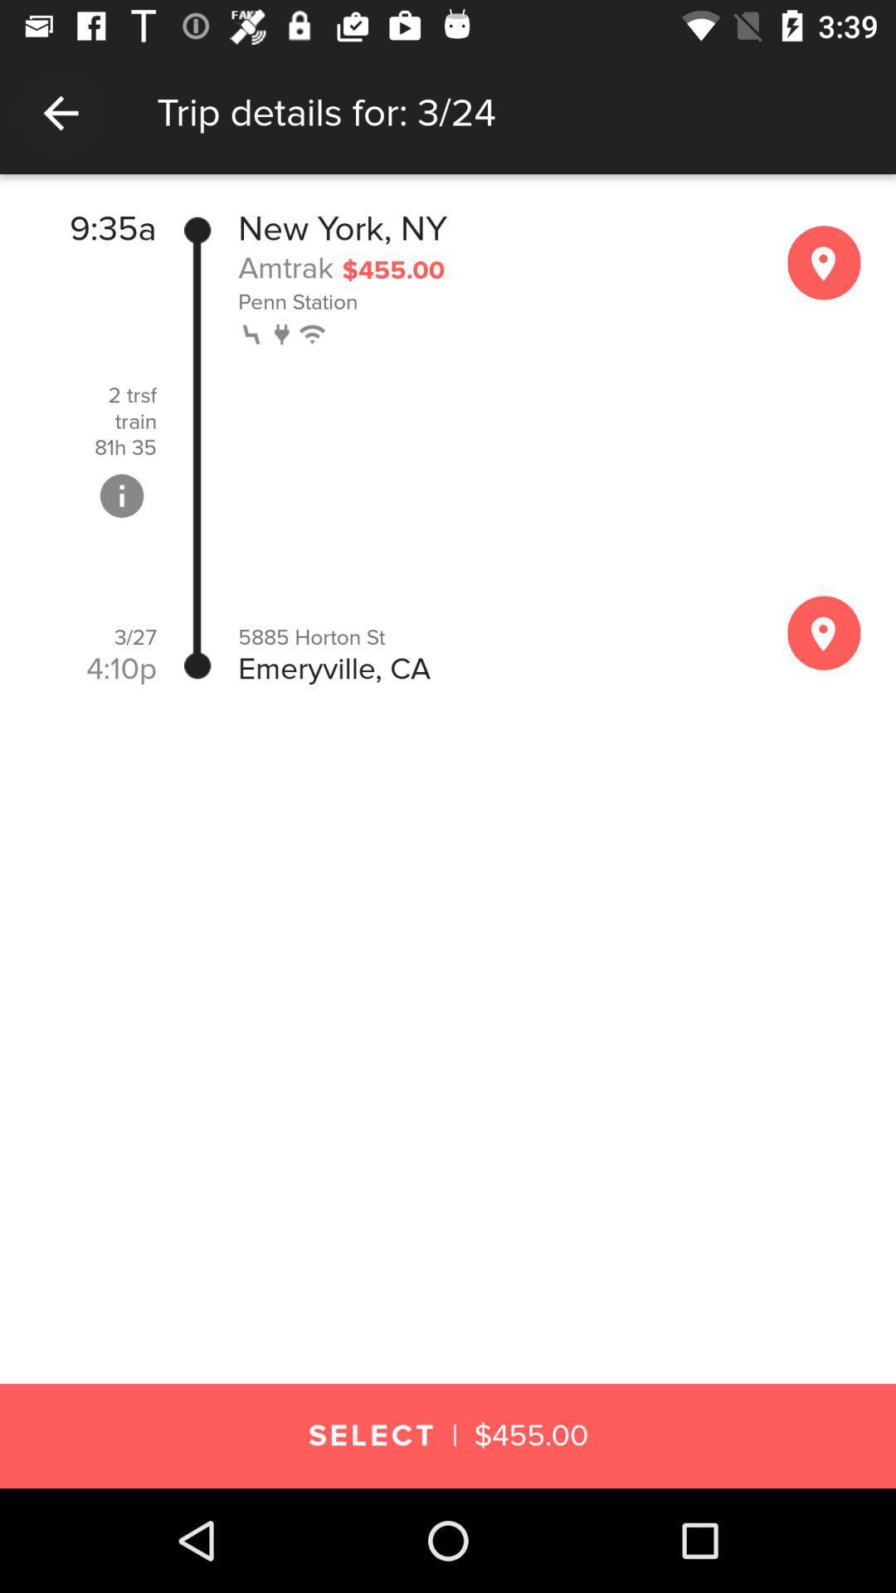  What do you see at coordinates (285, 267) in the screenshot?
I see `amtrak` at bounding box center [285, 267].